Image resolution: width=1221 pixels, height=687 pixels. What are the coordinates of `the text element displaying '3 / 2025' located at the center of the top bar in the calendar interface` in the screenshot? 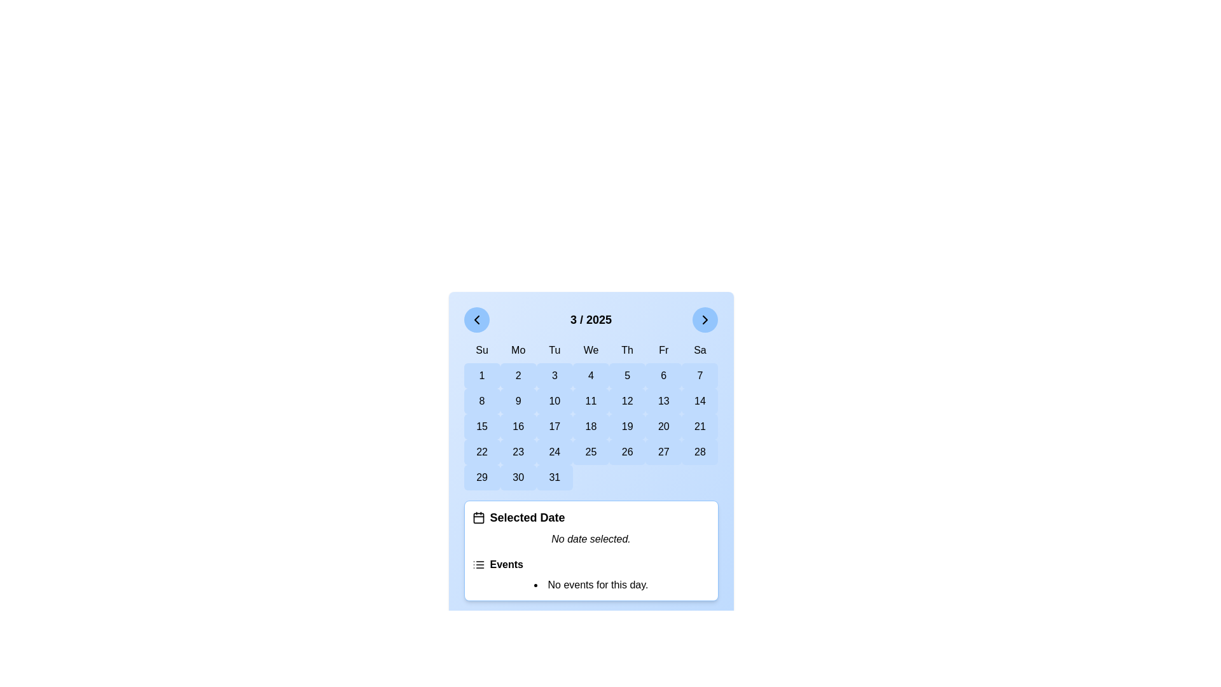 It's located at (590, 319).